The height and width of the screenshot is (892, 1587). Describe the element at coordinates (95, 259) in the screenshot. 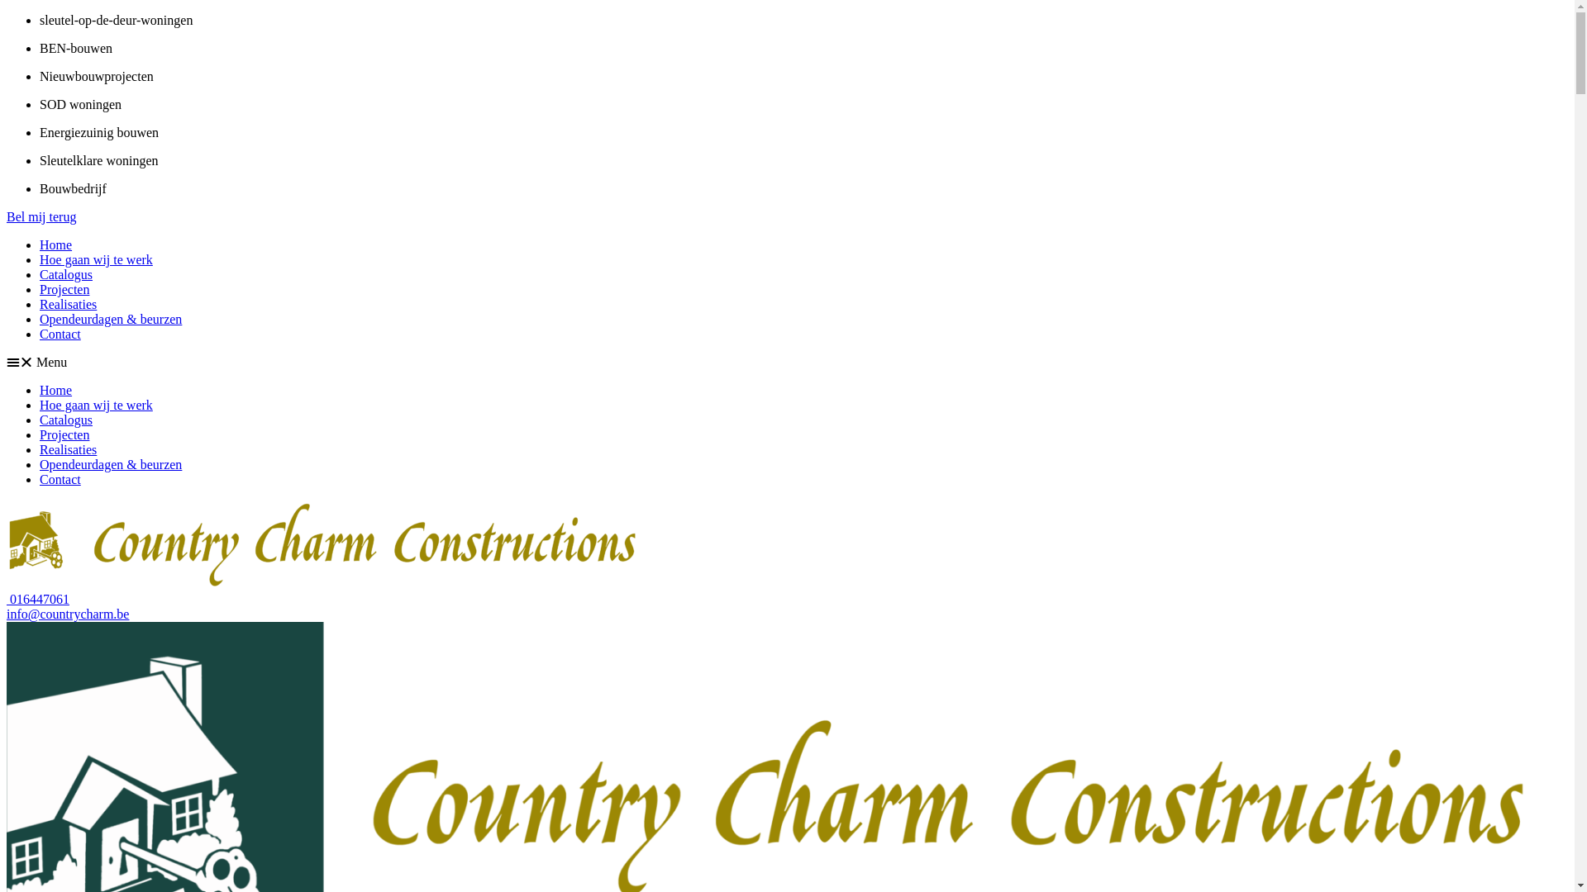

I see `'Hoe gaan wij te werk'` at that location.